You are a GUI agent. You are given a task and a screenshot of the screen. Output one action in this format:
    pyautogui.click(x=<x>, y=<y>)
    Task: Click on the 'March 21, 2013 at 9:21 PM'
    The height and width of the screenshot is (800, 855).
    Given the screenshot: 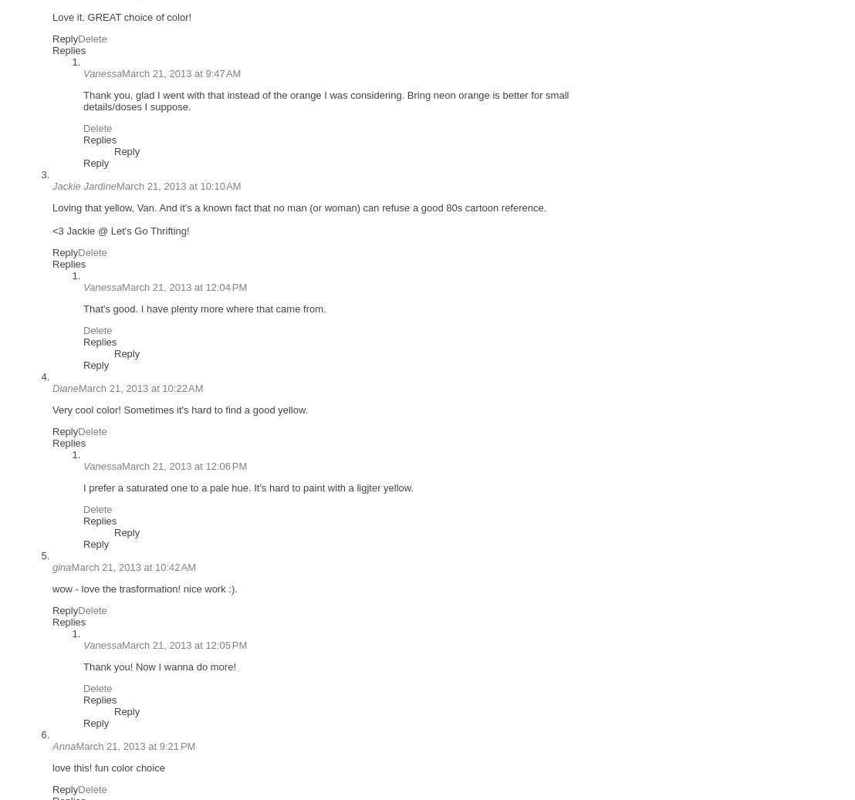 What is the action you would take?
    pyautogui.click(x=134, y=746)
    